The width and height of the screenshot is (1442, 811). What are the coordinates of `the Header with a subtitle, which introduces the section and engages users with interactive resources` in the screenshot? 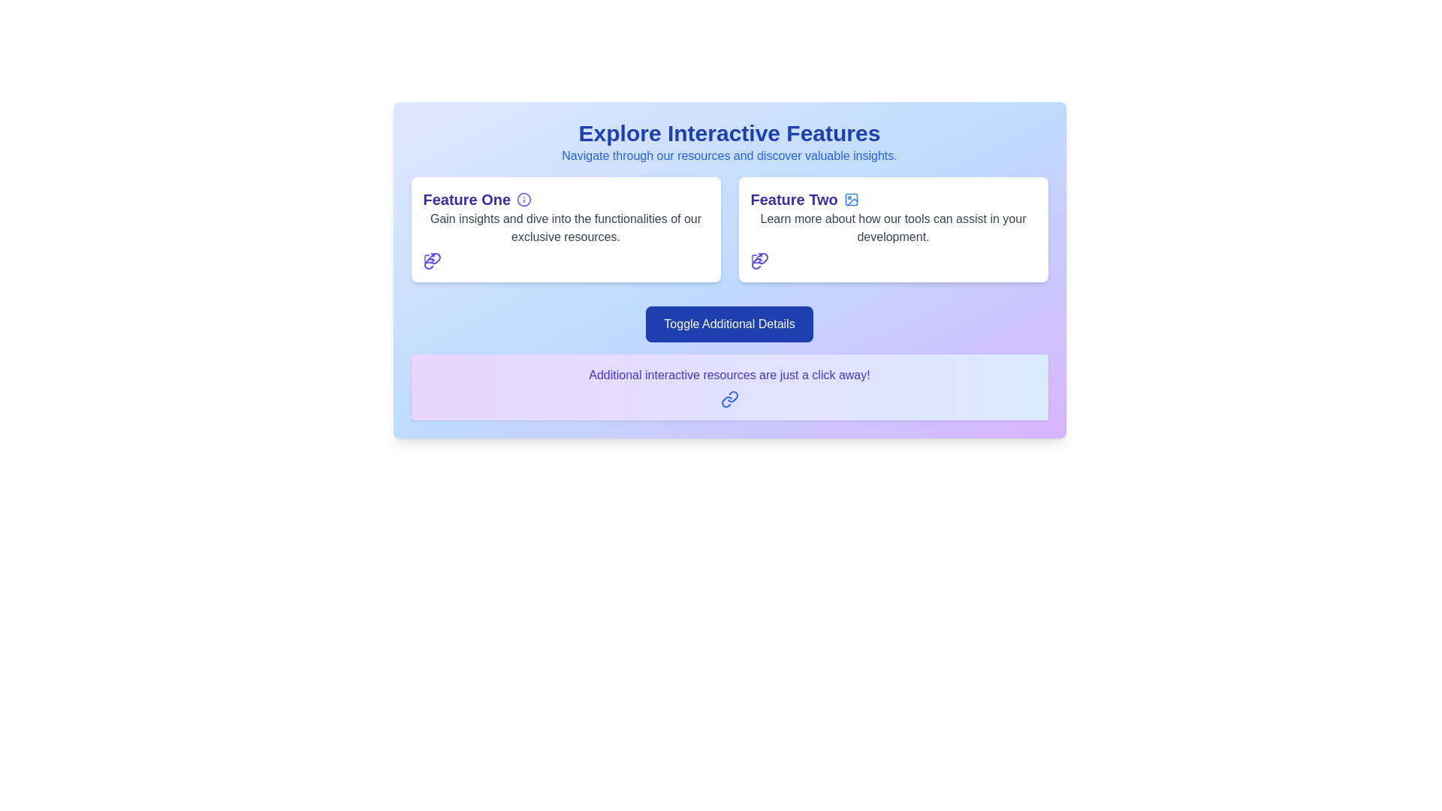 It's located at (729, 142).